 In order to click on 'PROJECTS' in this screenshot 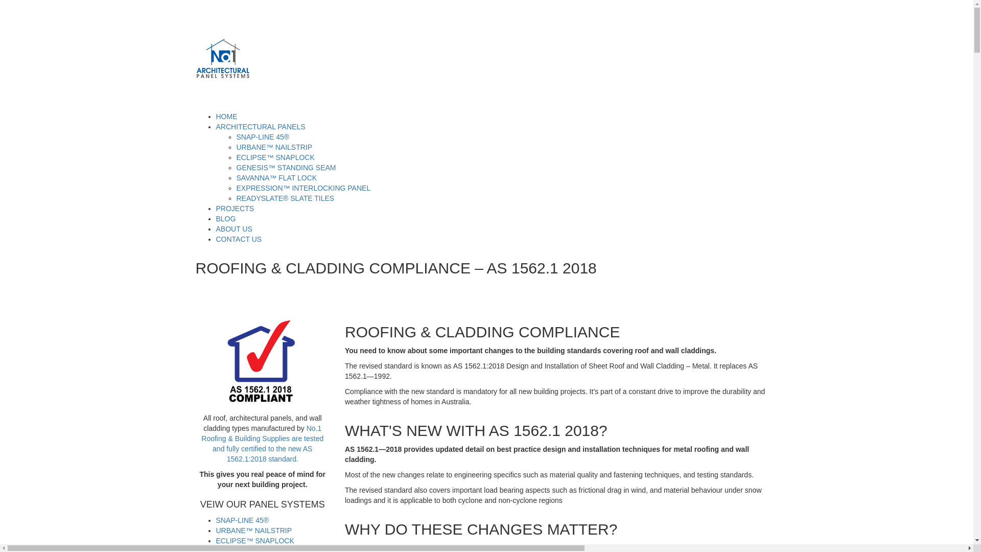, I will do `click(234, 208)`.